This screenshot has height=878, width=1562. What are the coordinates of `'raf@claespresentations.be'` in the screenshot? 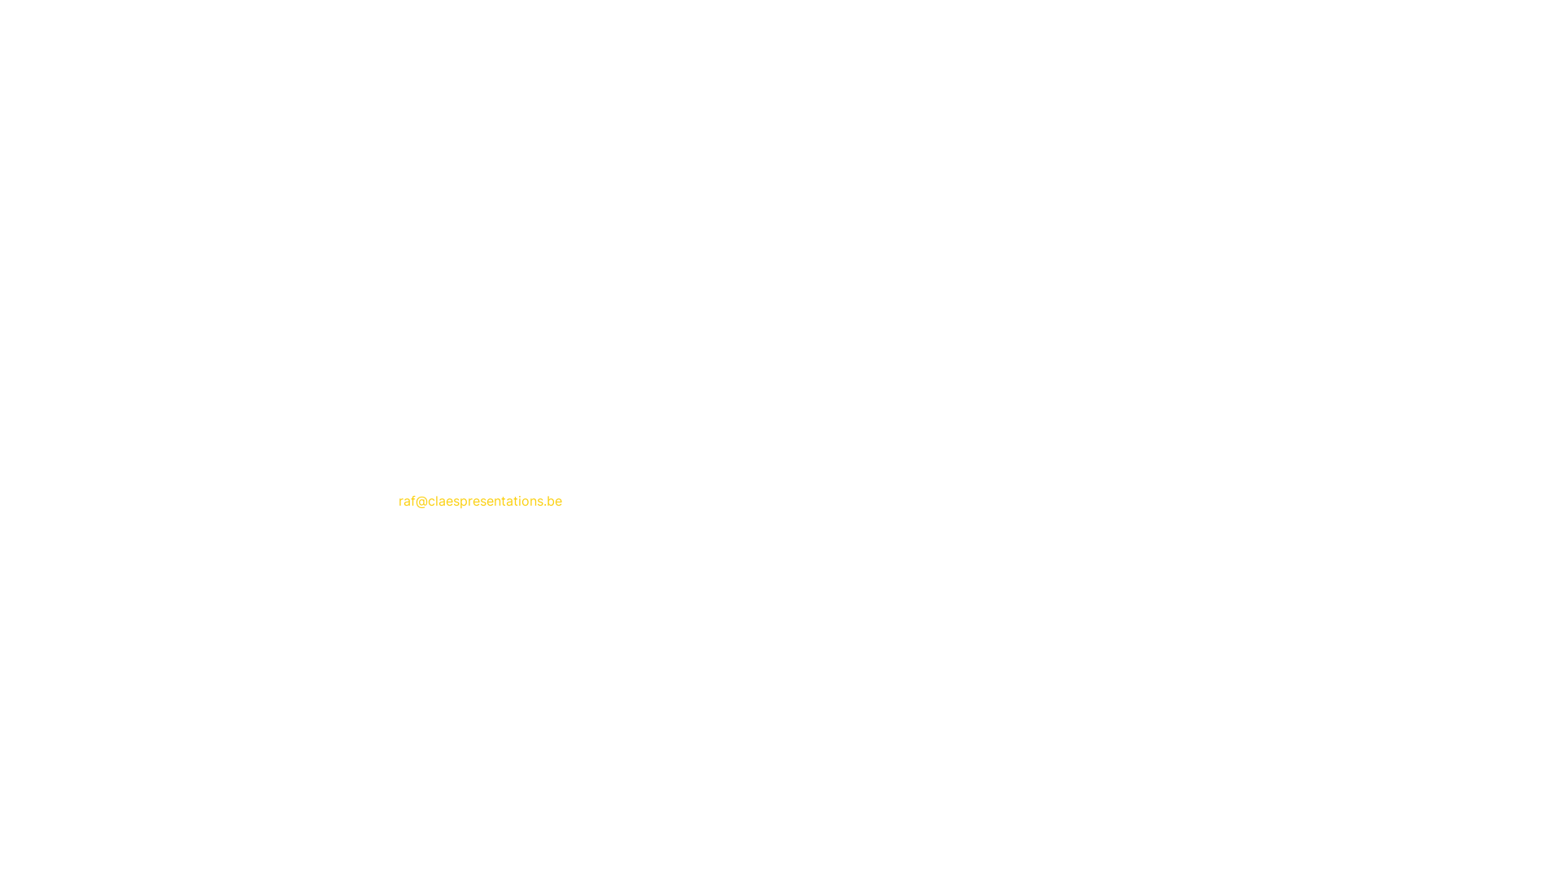 It's located at (398, 500).